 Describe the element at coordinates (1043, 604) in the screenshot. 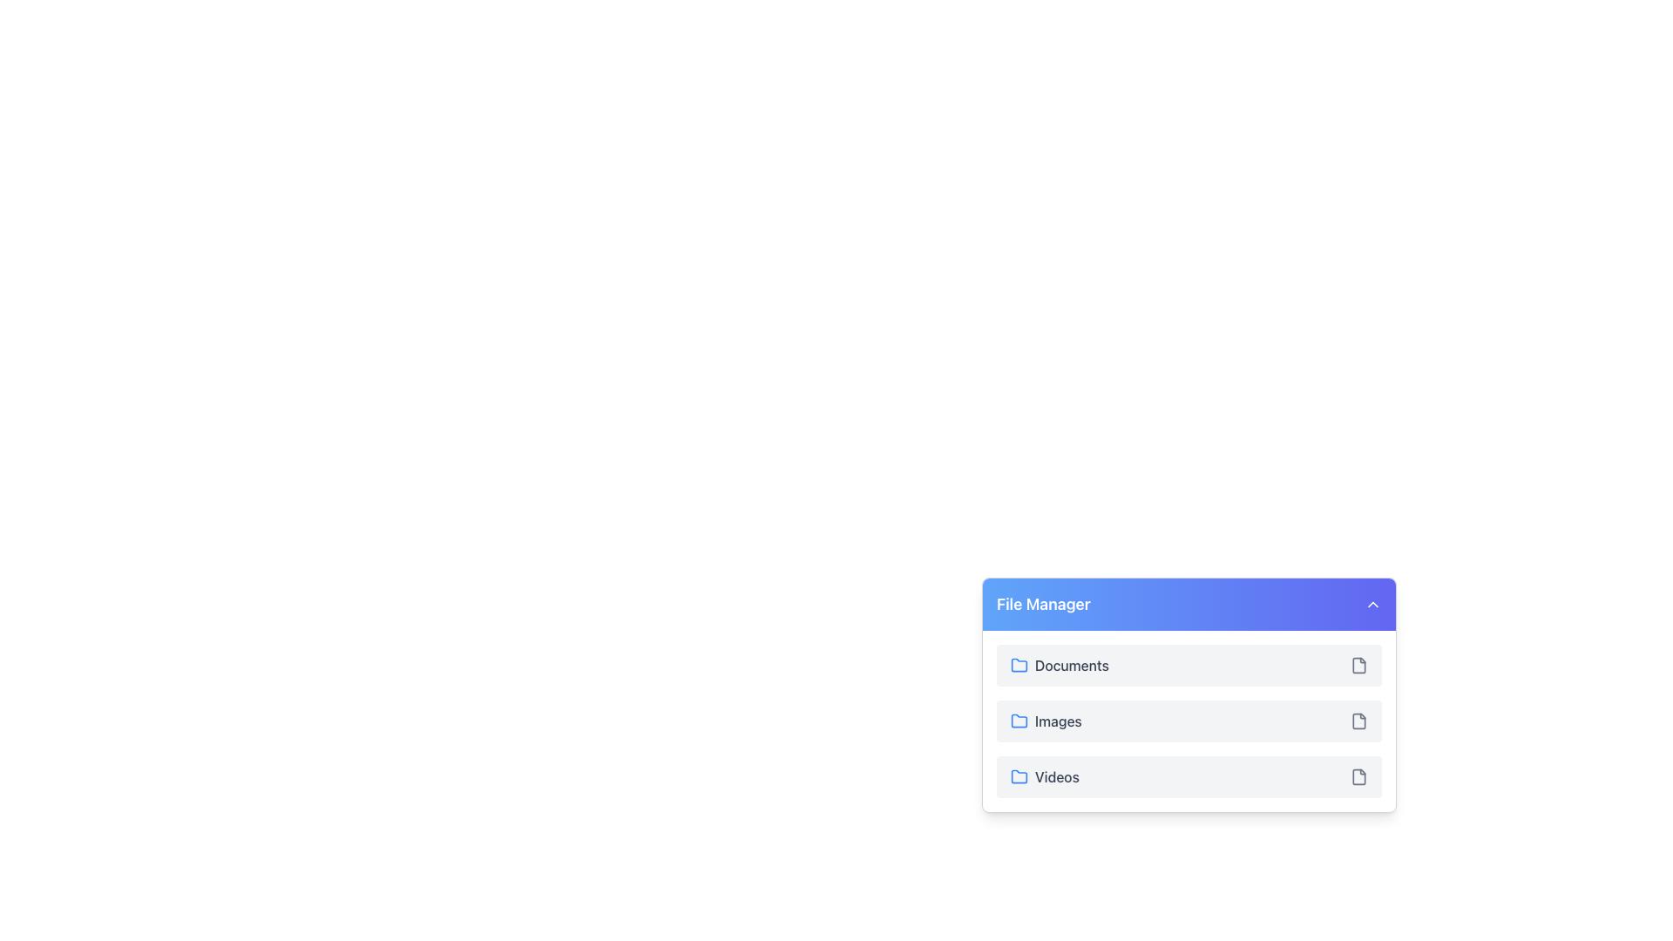

I see `text content of the 'File Manager' text label, which is styled with a bold, large font and located in the top-left corner of the header section with a blue gradient background` at that location.